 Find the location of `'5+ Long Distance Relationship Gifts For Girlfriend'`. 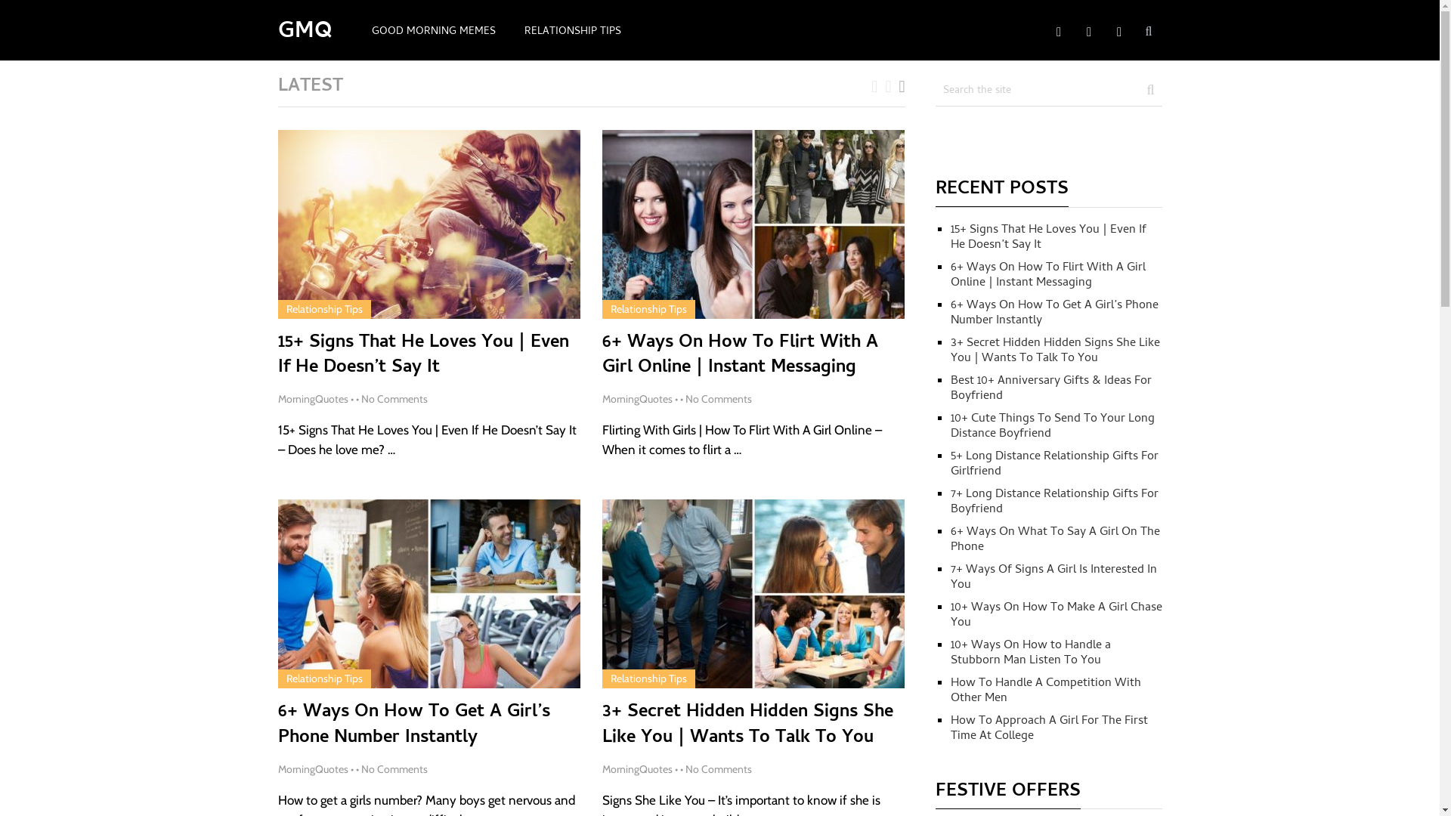

'5+ Long Distance Relationship Gifts For Girlfriend' is located at coordinates (949, 463).